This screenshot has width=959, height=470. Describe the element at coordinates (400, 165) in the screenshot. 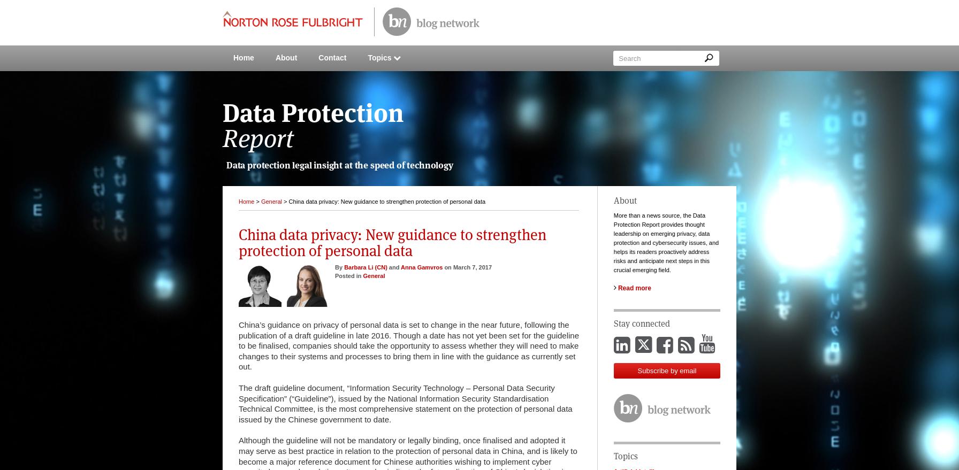

I see `'of'` at that location.